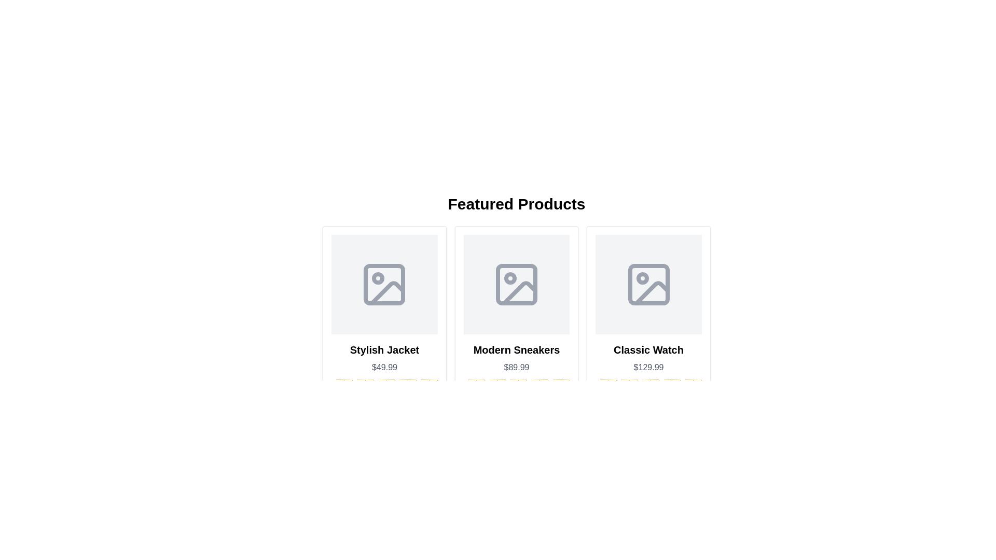  Describe the element at coordinates (517, 350) in the screenshot. I see `text label displaying 'Modern Sneakers' which is bold and larger than adjacent text, located in the second card of three horizontally aligned cards` at that location.